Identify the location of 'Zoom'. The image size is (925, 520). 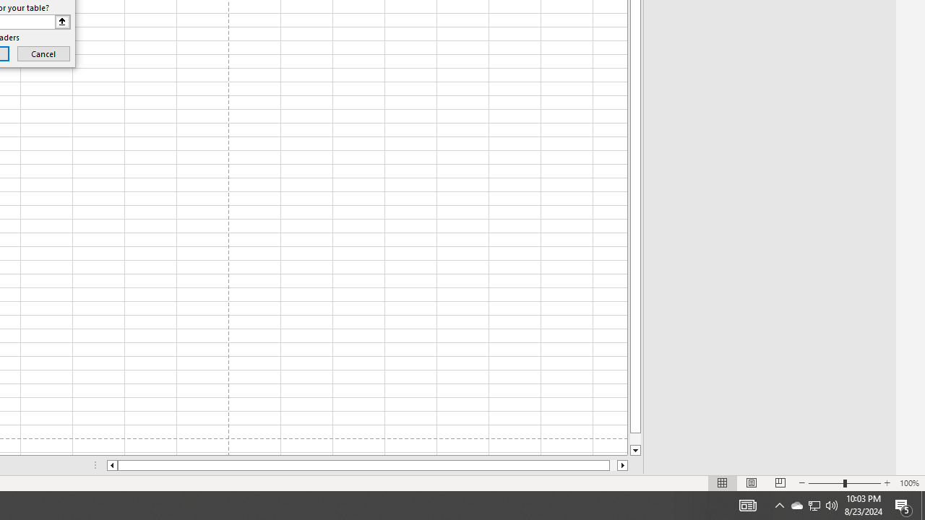
(844, 483).